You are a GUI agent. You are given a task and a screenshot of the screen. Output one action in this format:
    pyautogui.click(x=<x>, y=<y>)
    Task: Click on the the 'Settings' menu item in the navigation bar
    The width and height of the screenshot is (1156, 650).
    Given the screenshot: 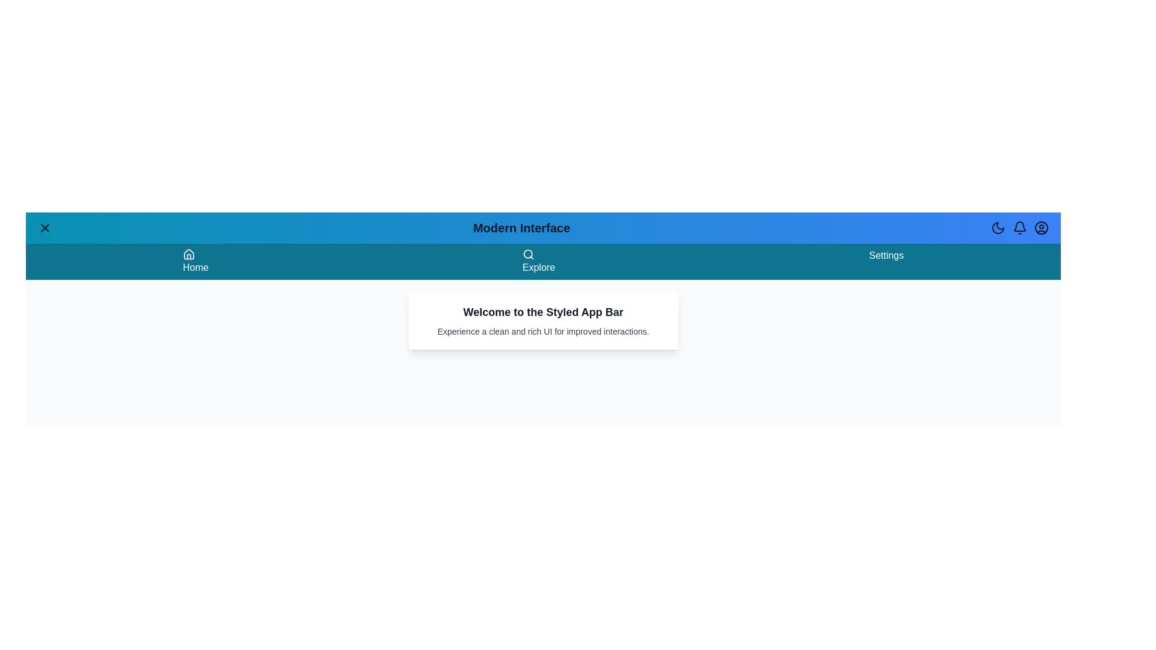 What is the action you would take?
    pyautogui.click(x=886, y=261)
    